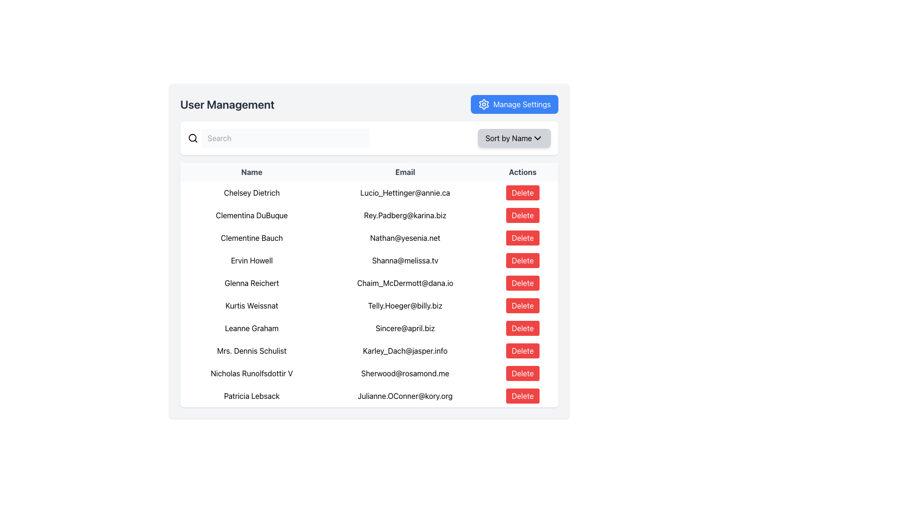 This screenshot has width=904, height=508. What do you see at coordinates (522, 350) in the screenshot?
I see `the delete button for Mrs. Dennis Schulist's information in the Actions column to observe the hover effect` at bounding box center [522, 350].